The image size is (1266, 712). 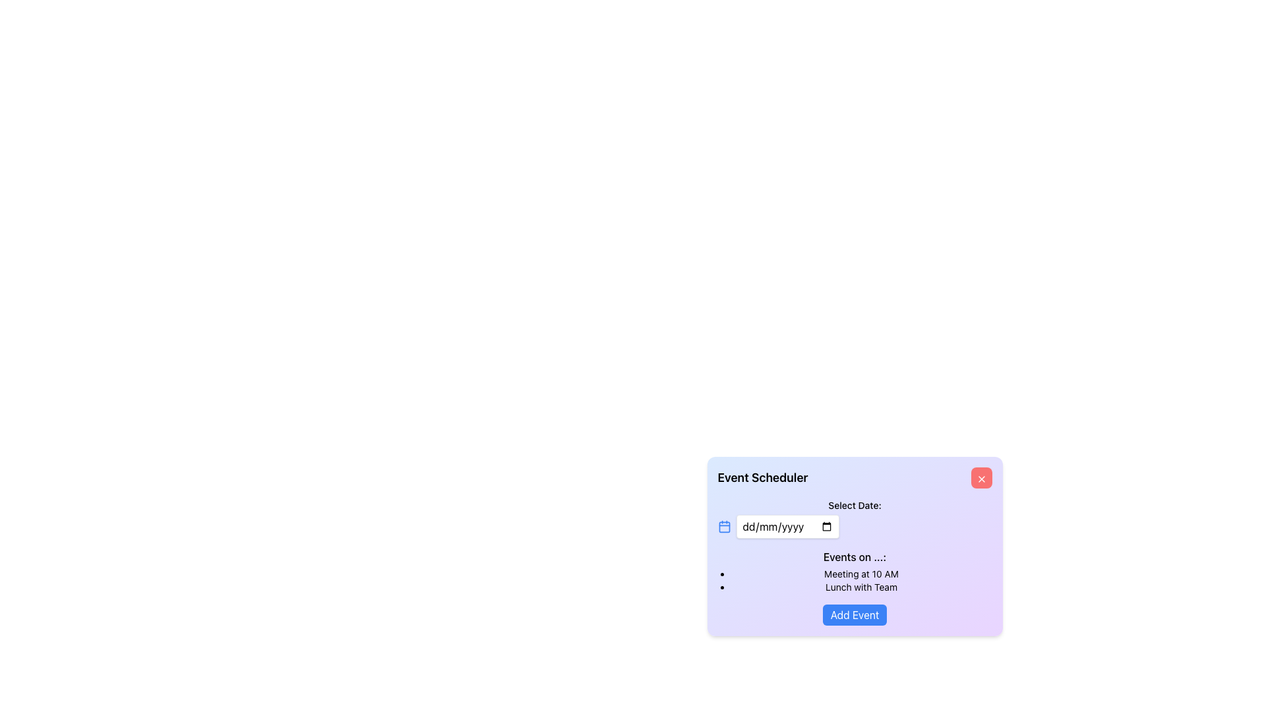 I want to click on the small red button with a white cross icon in the top-right corner of the 'Event Scheduler' dialog, so click(x=981, y=478).